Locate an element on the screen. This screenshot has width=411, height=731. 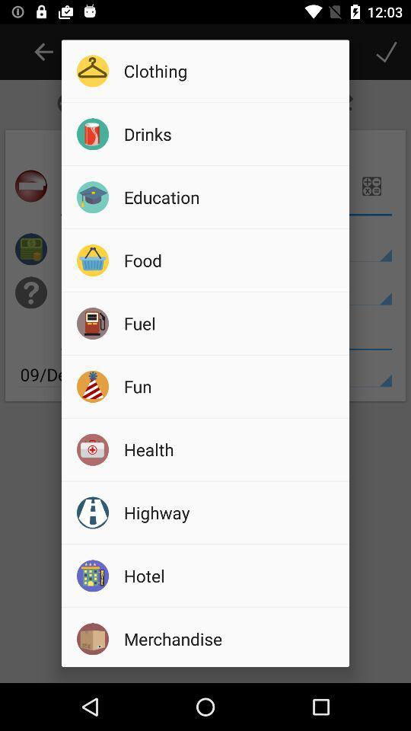
icon below the fuel item is located at coordinates (231, 385).